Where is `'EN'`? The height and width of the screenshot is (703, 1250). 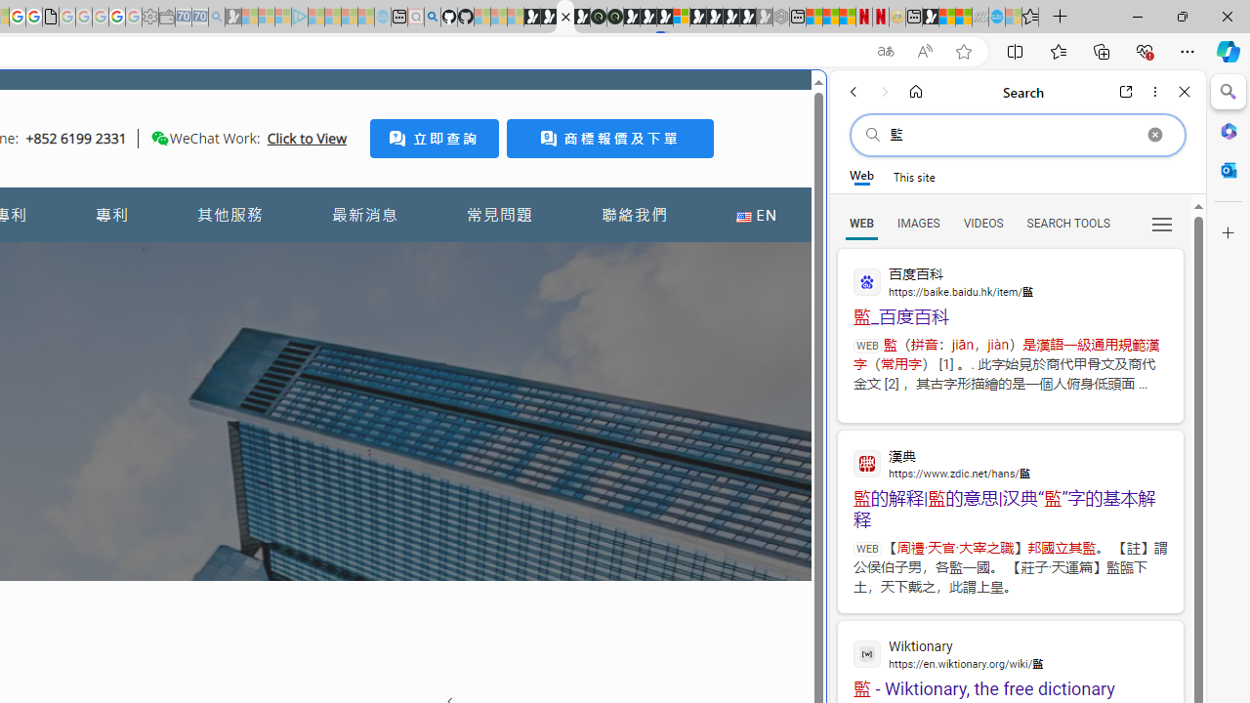
'EN' is located at coordinates (755, 215).